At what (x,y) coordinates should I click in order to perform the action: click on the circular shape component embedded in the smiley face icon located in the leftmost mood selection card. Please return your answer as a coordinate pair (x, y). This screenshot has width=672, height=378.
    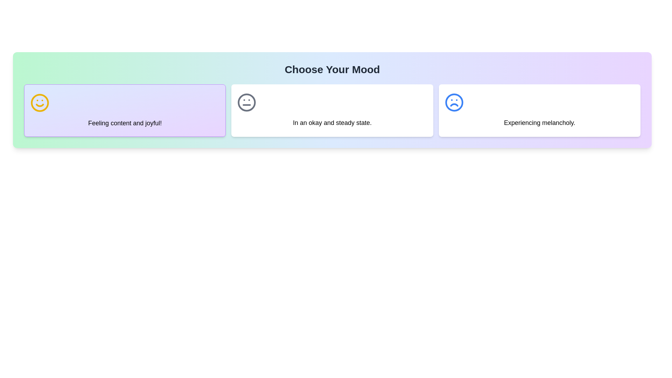
    Looking at the image, I should click on (40, 103).